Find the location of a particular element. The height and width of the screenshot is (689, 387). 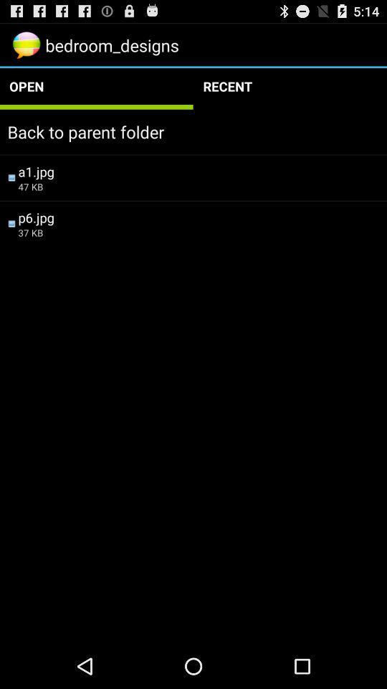

icon above the a1.jpg item is located at coordinates (193, 131).